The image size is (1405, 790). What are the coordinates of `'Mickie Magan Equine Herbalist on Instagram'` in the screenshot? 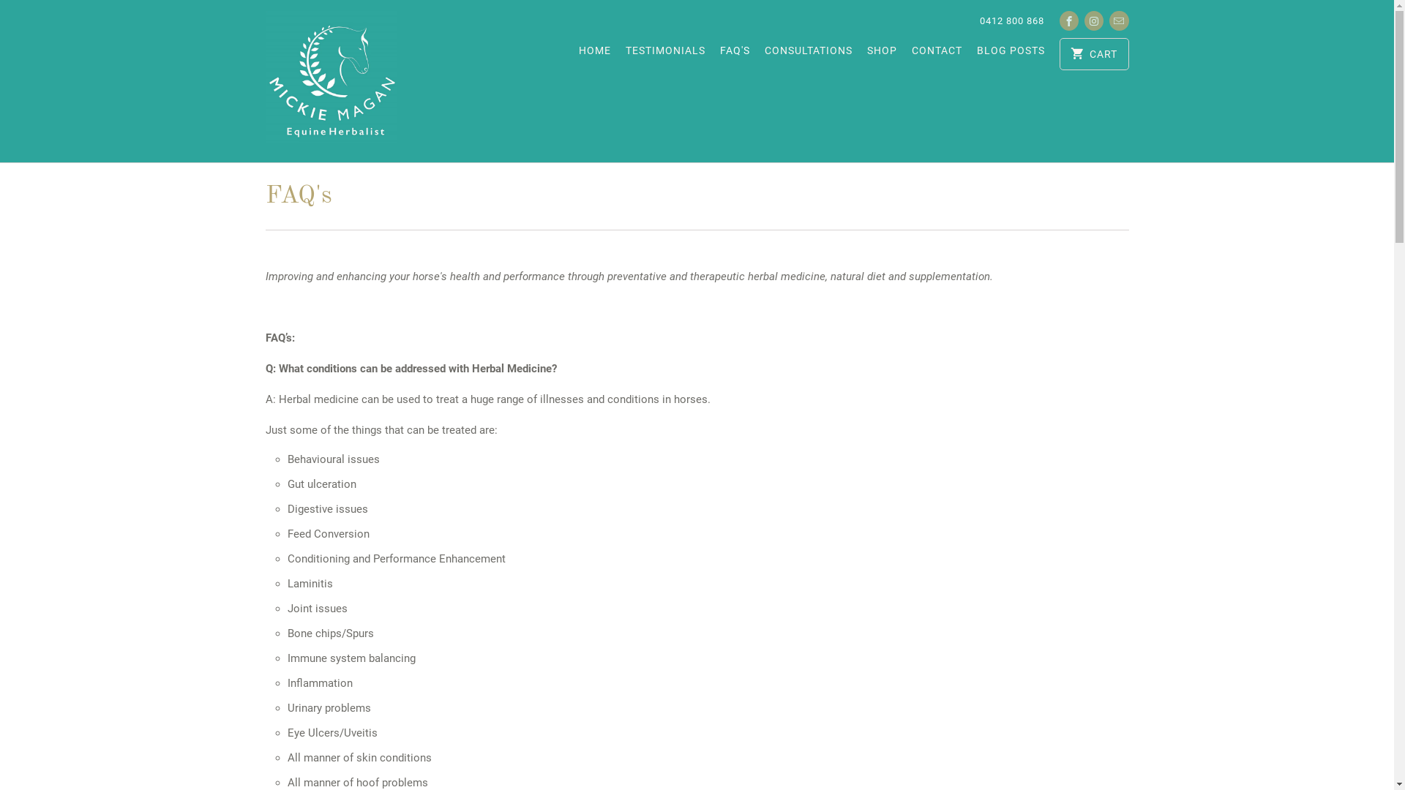 It's located at (1093, 20).